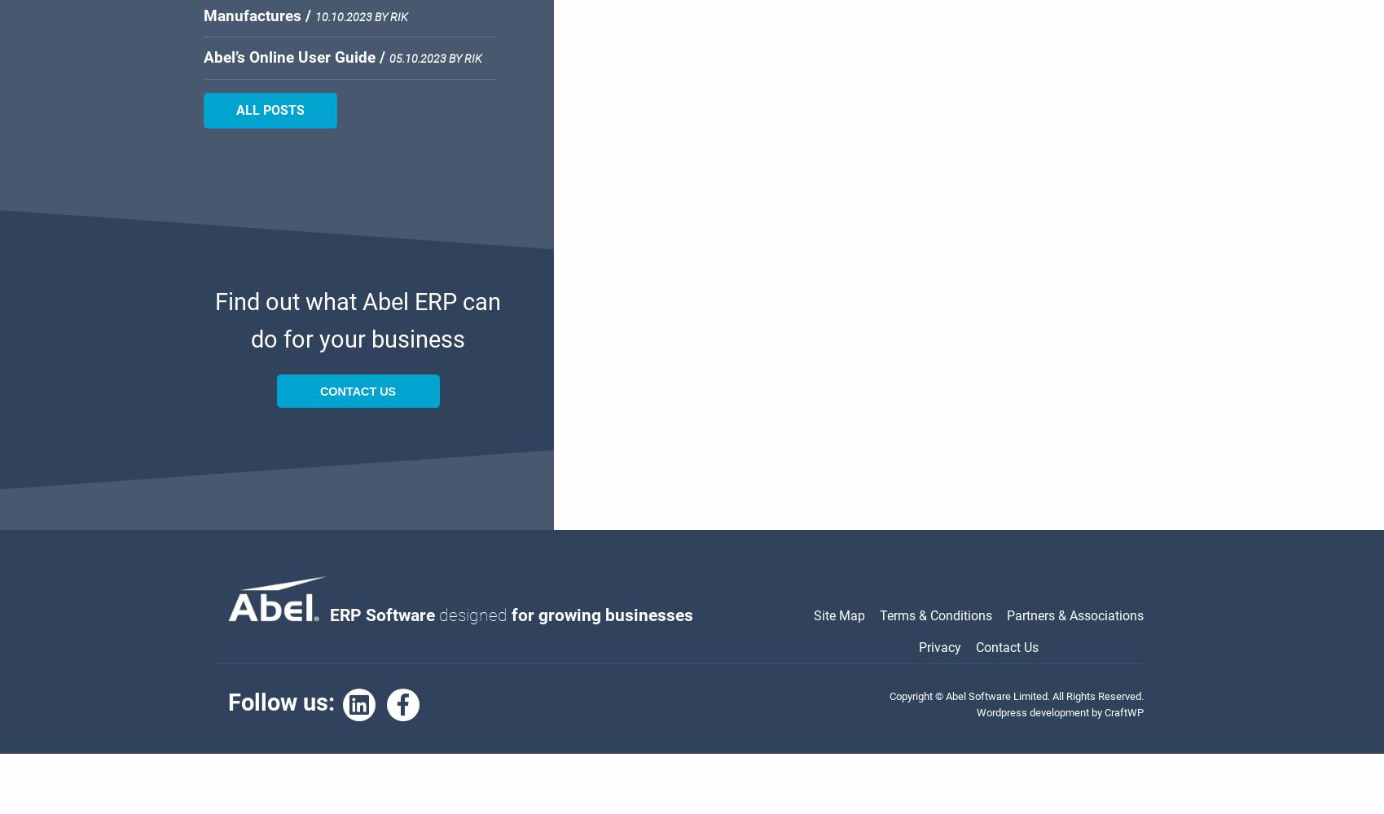  Describe the element at coordinates (383, 615) in the screenshot. I see `'ERP Software'` at that location.